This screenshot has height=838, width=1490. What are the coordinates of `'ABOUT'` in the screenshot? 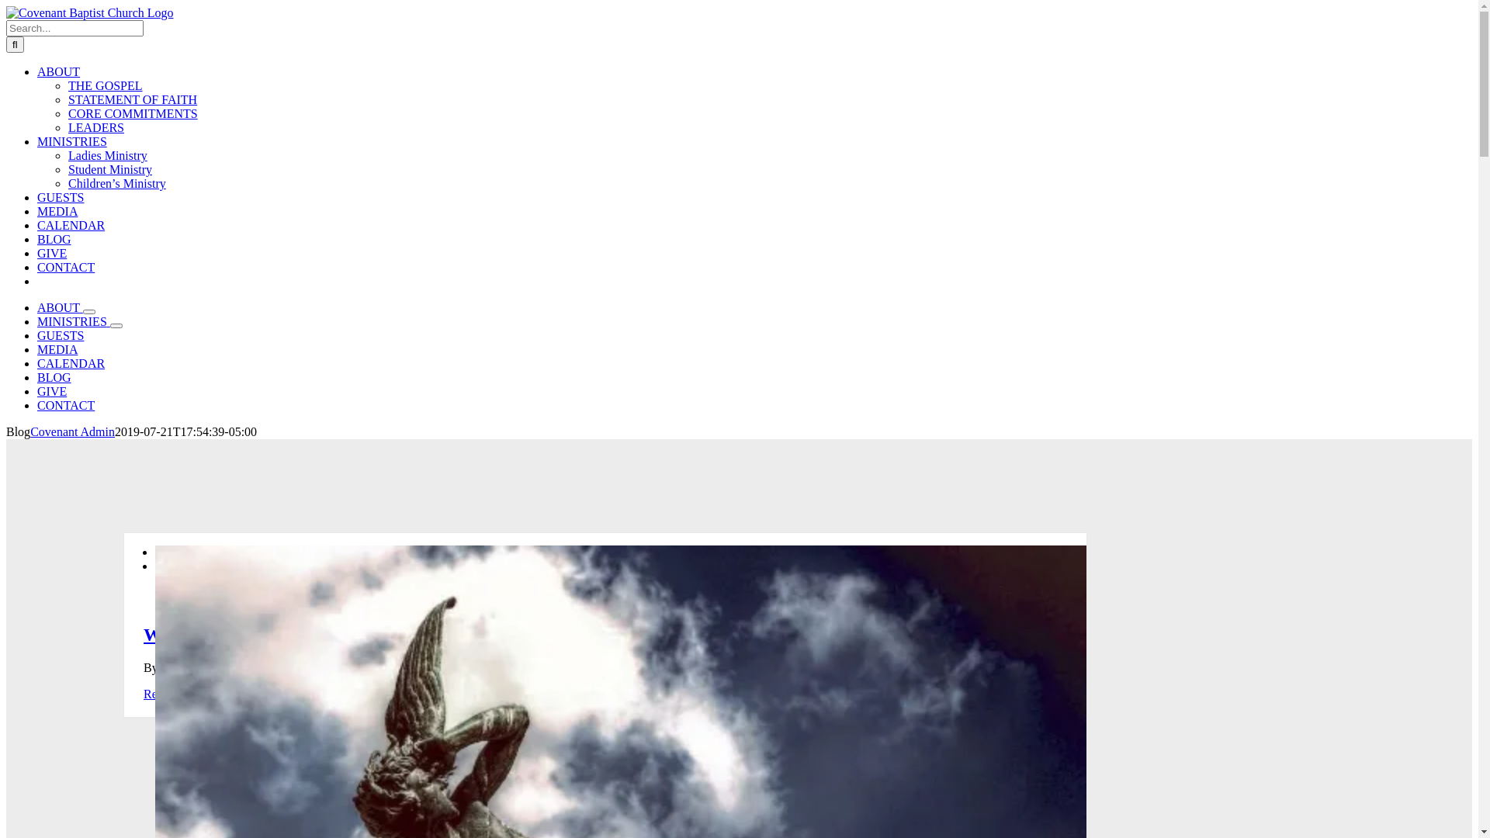 It's located at (58, 71).